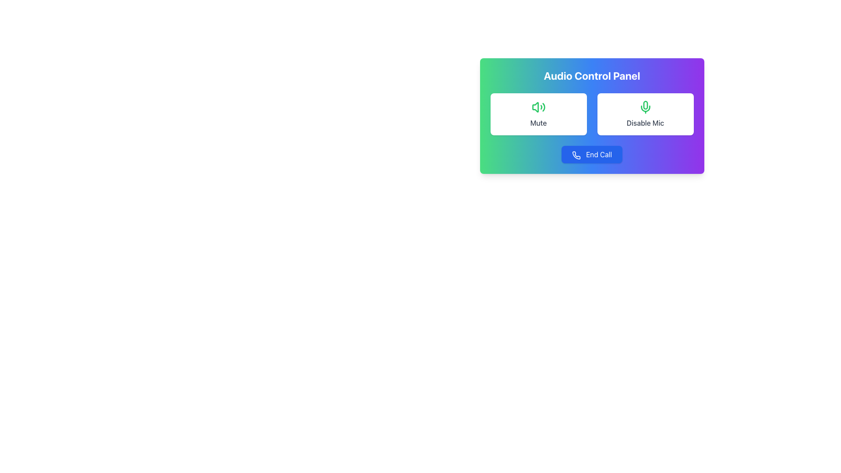 The width and height of the screenshot is (841, 473). I want to click on the 'Mute' button, which is a card-like rectangular button with a green speaker icon and the label 'Mute' in dark gray, so click(538, 114).